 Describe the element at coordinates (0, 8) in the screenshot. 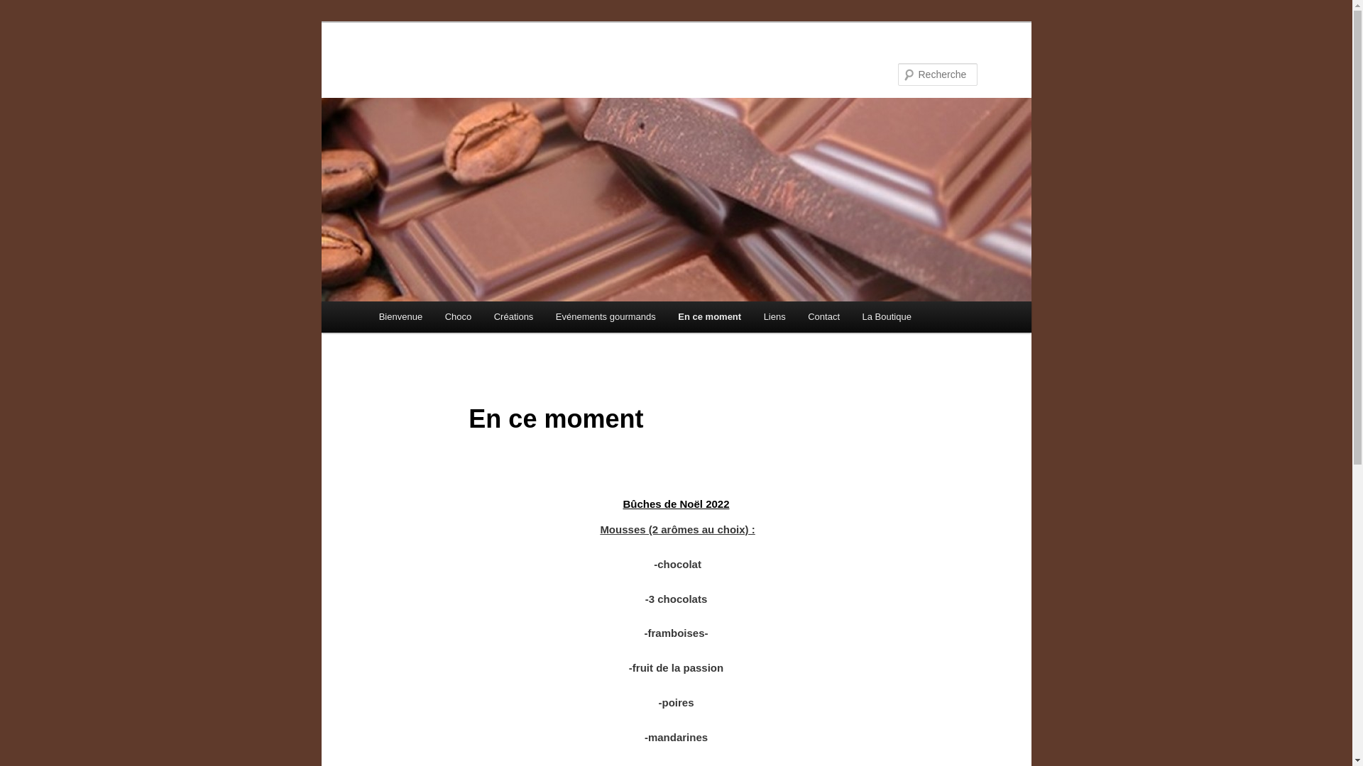

I see `'Recherche'` at that location.